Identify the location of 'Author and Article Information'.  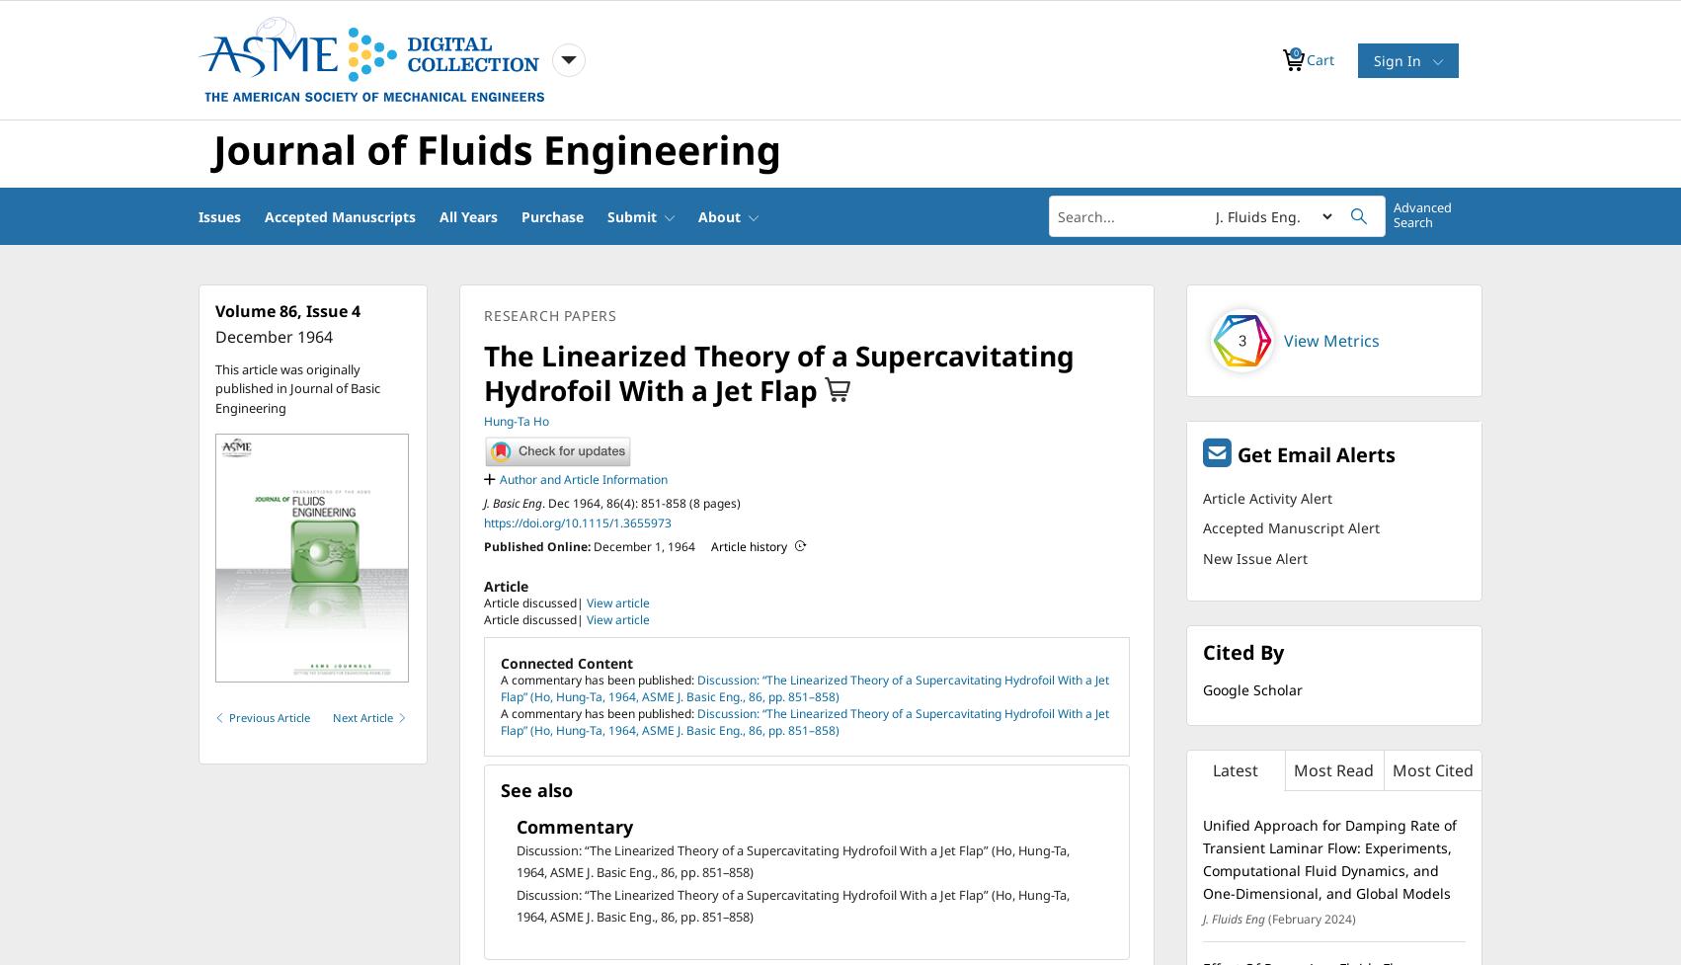
(583, 478).